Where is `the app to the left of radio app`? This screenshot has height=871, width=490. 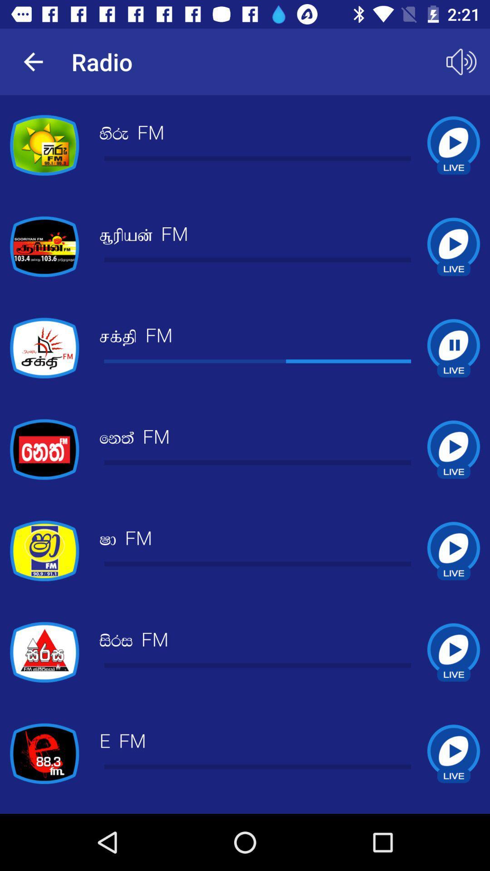 the app to the left of radio app is located at coordinates (33, 61).